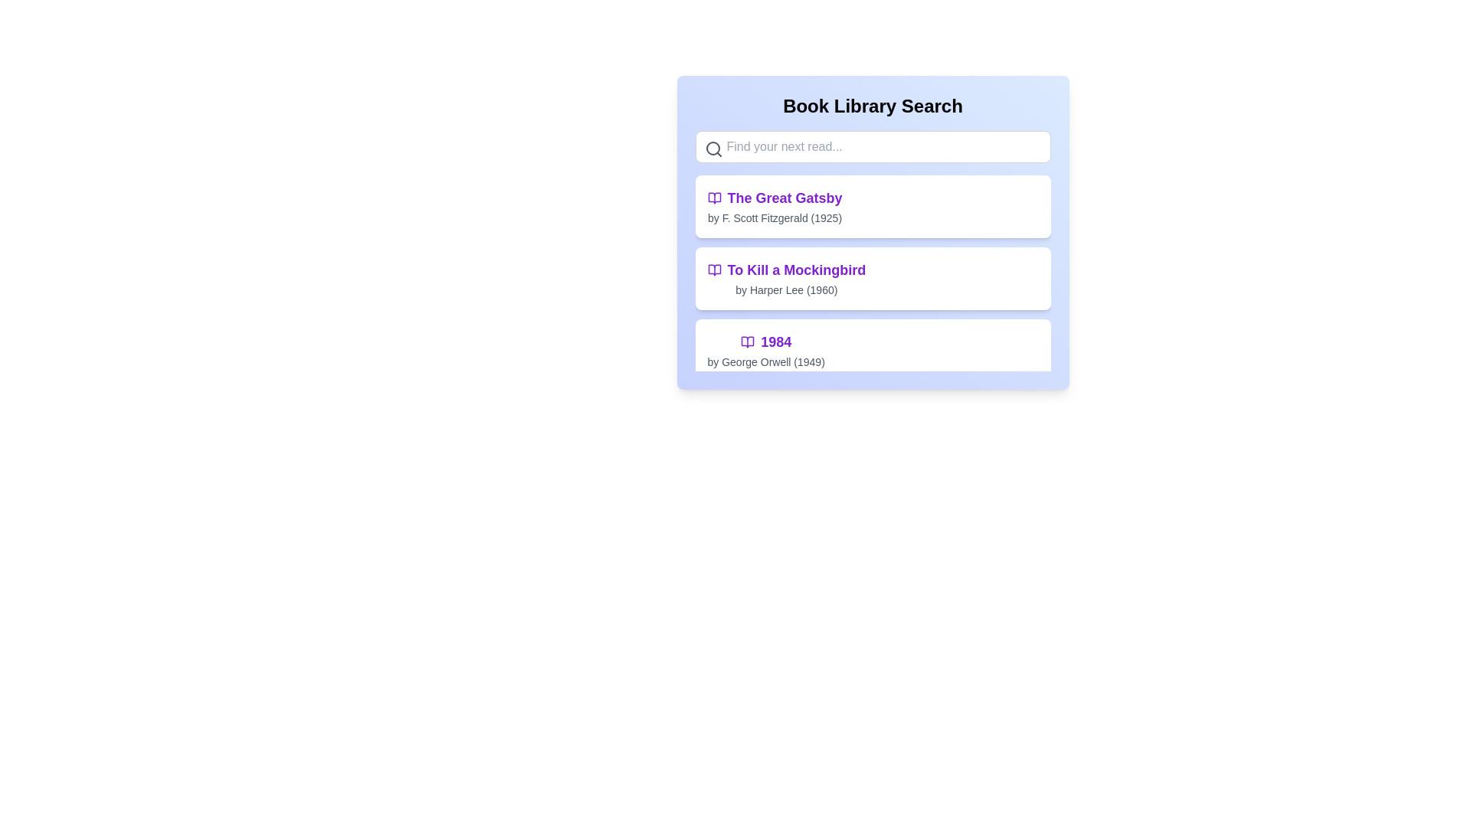 The width and height of the screenshot is (1471, 827). Describe the element at coordinates (713, 270) in the screenshot. I see `the book icon representing 'To Kill a Mockingbird', which is the second item in the list and is located to the left of its title` at that location.